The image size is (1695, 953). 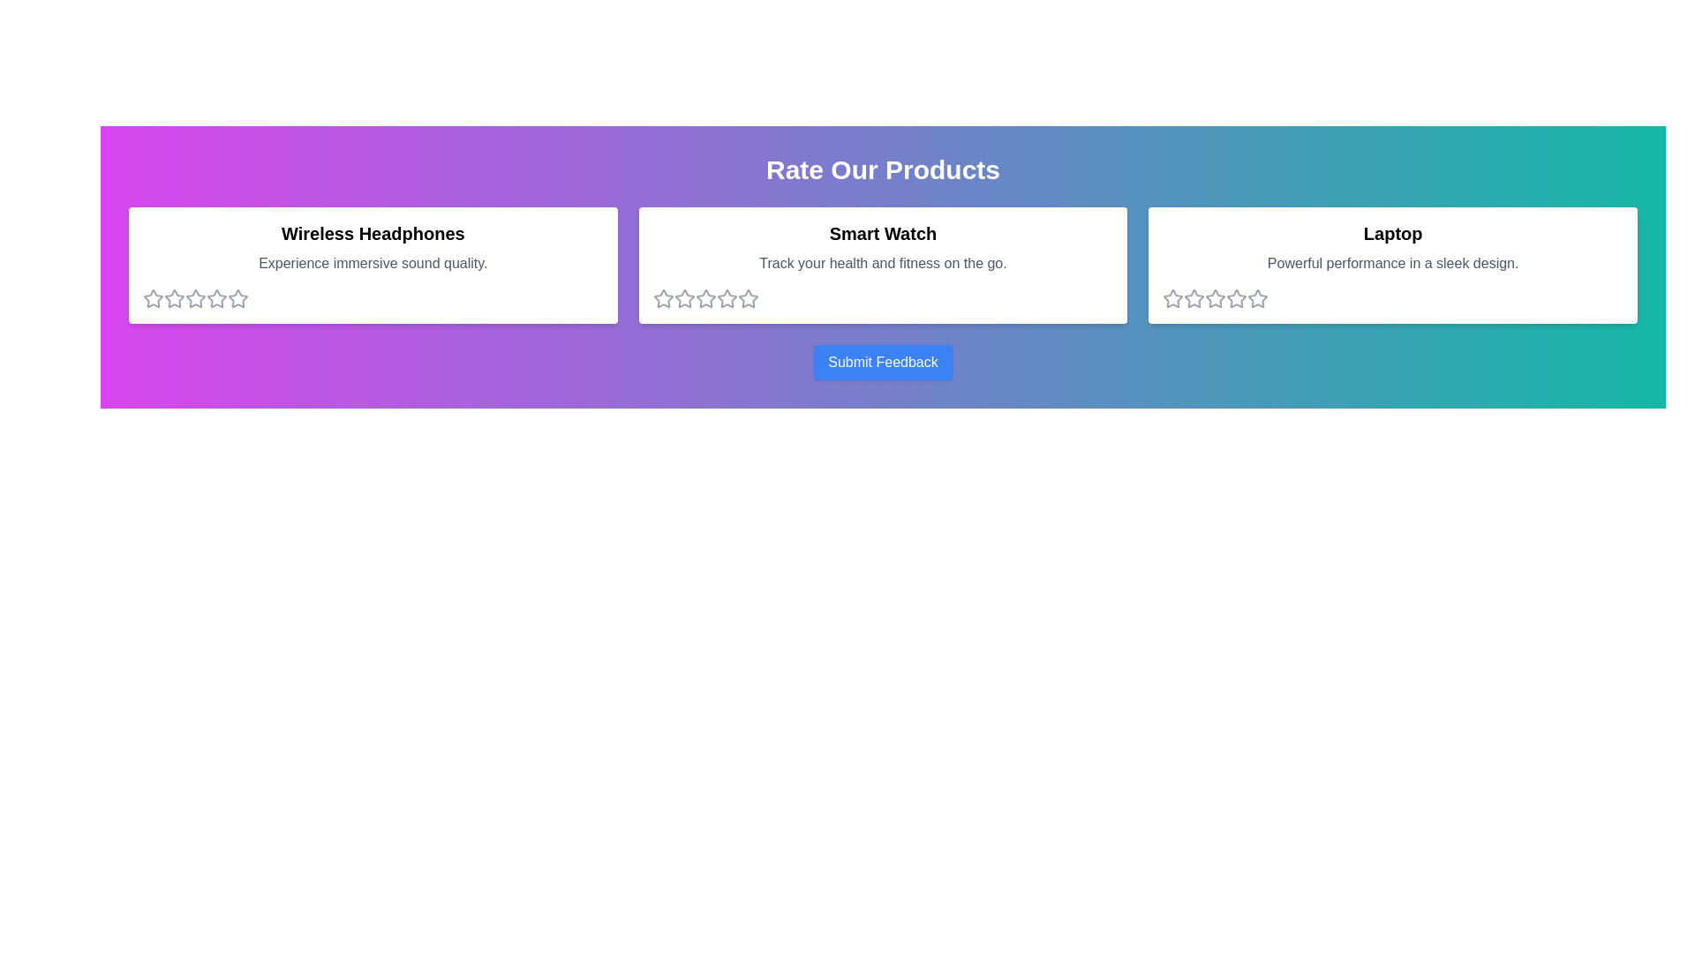 I want to click on the star corresponding to 3 stars to preview the rating, so click(x=195, y=298).